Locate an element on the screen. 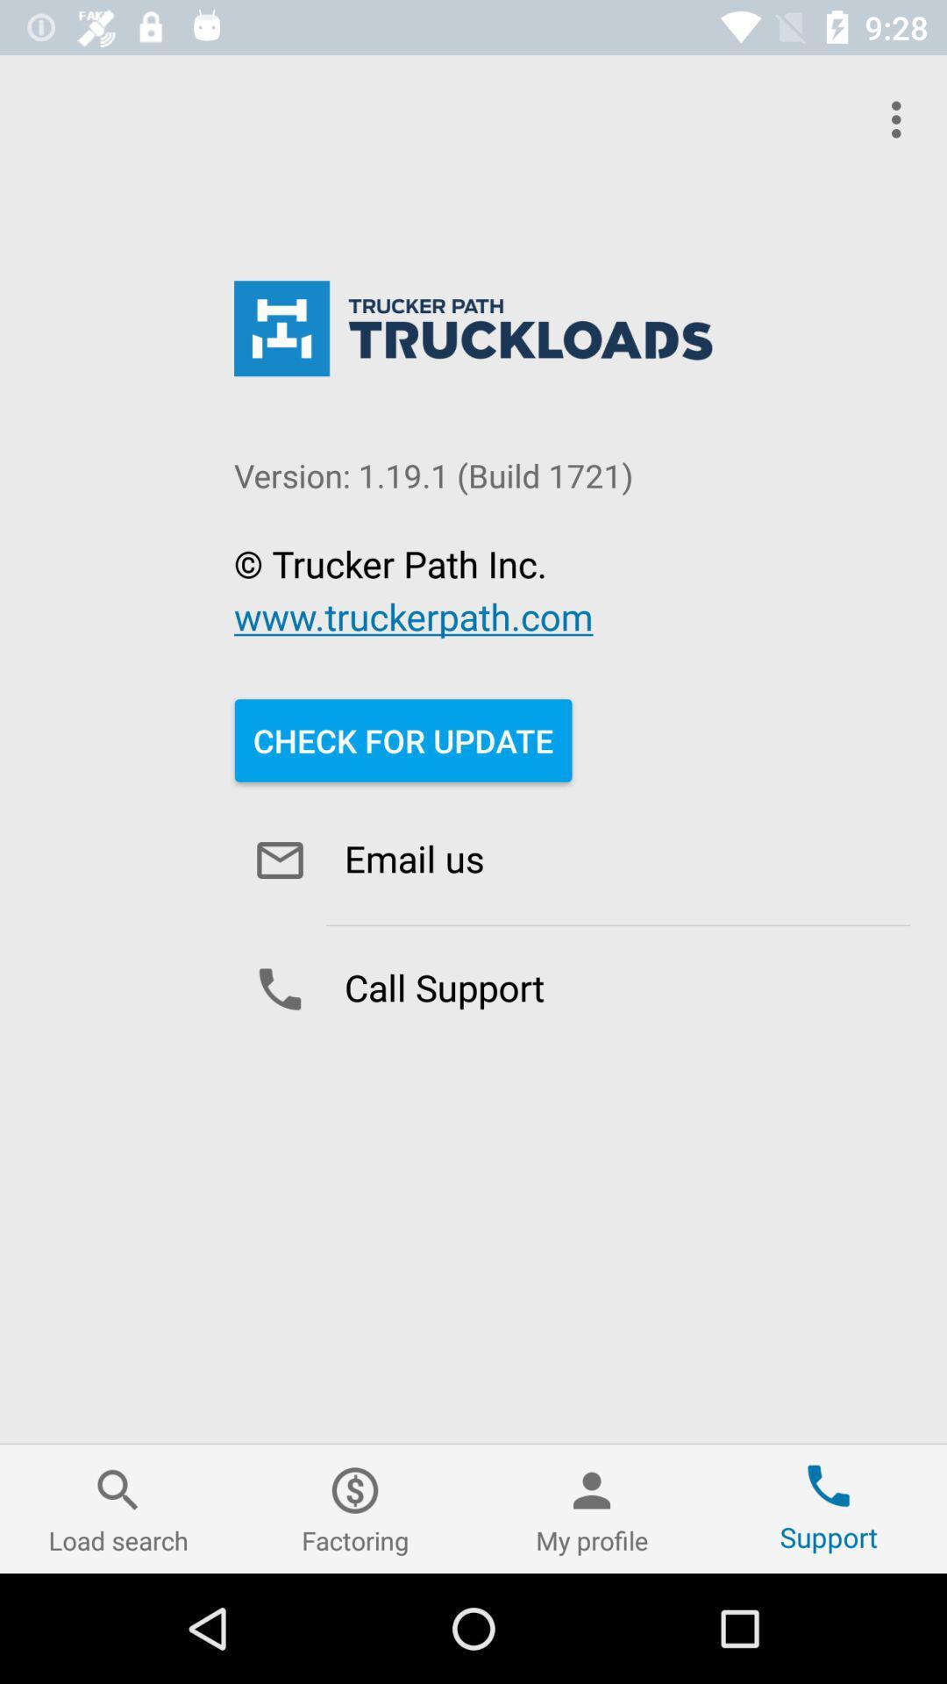 The image size is (947, 1684). item at the top right corner is located at coordinates (901, 118).